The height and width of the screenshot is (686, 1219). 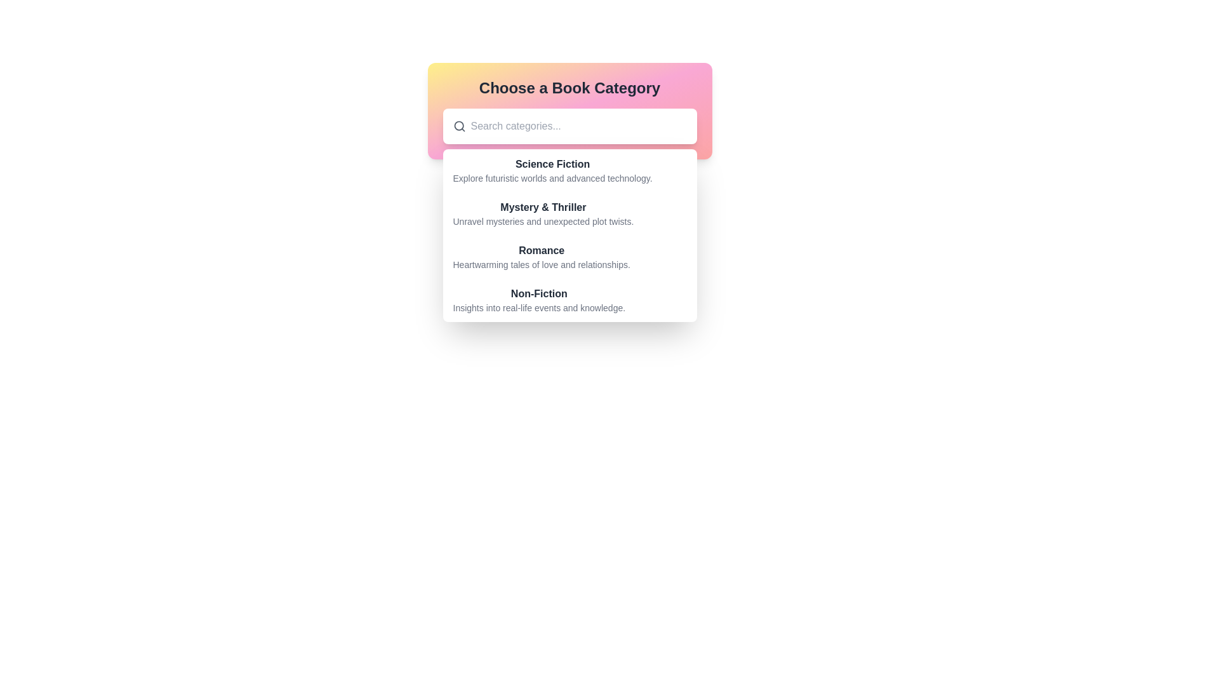 What do you see at coordinates (542, 257) in the screenshot?
I see `the text display element titled 'Romance' that contains the description 'Heartwarming tales of love and relationships.' This element is the third entry in the list under the header 'Choose a Book Category'` at bounding box center [542, 257].